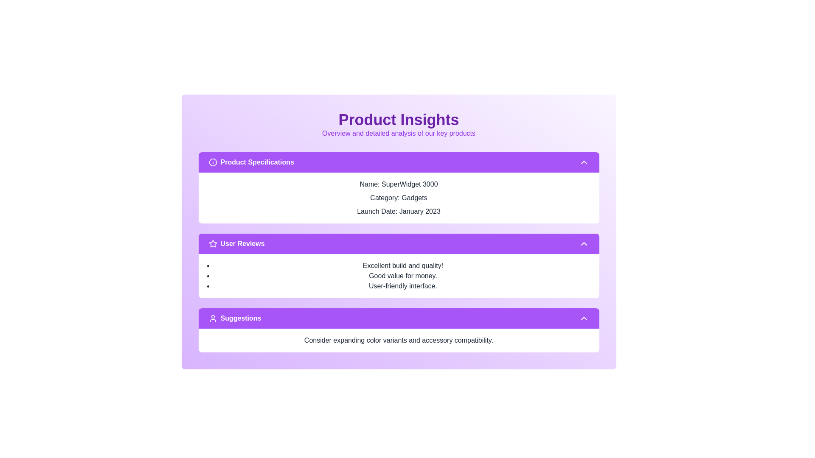 The height and width of the screenshot is (458, 815). I want to click on the upward-pointing chevron icon button with a purple background located at the bottom-right corner of the 'Suggestions' section, so click(583, 318).